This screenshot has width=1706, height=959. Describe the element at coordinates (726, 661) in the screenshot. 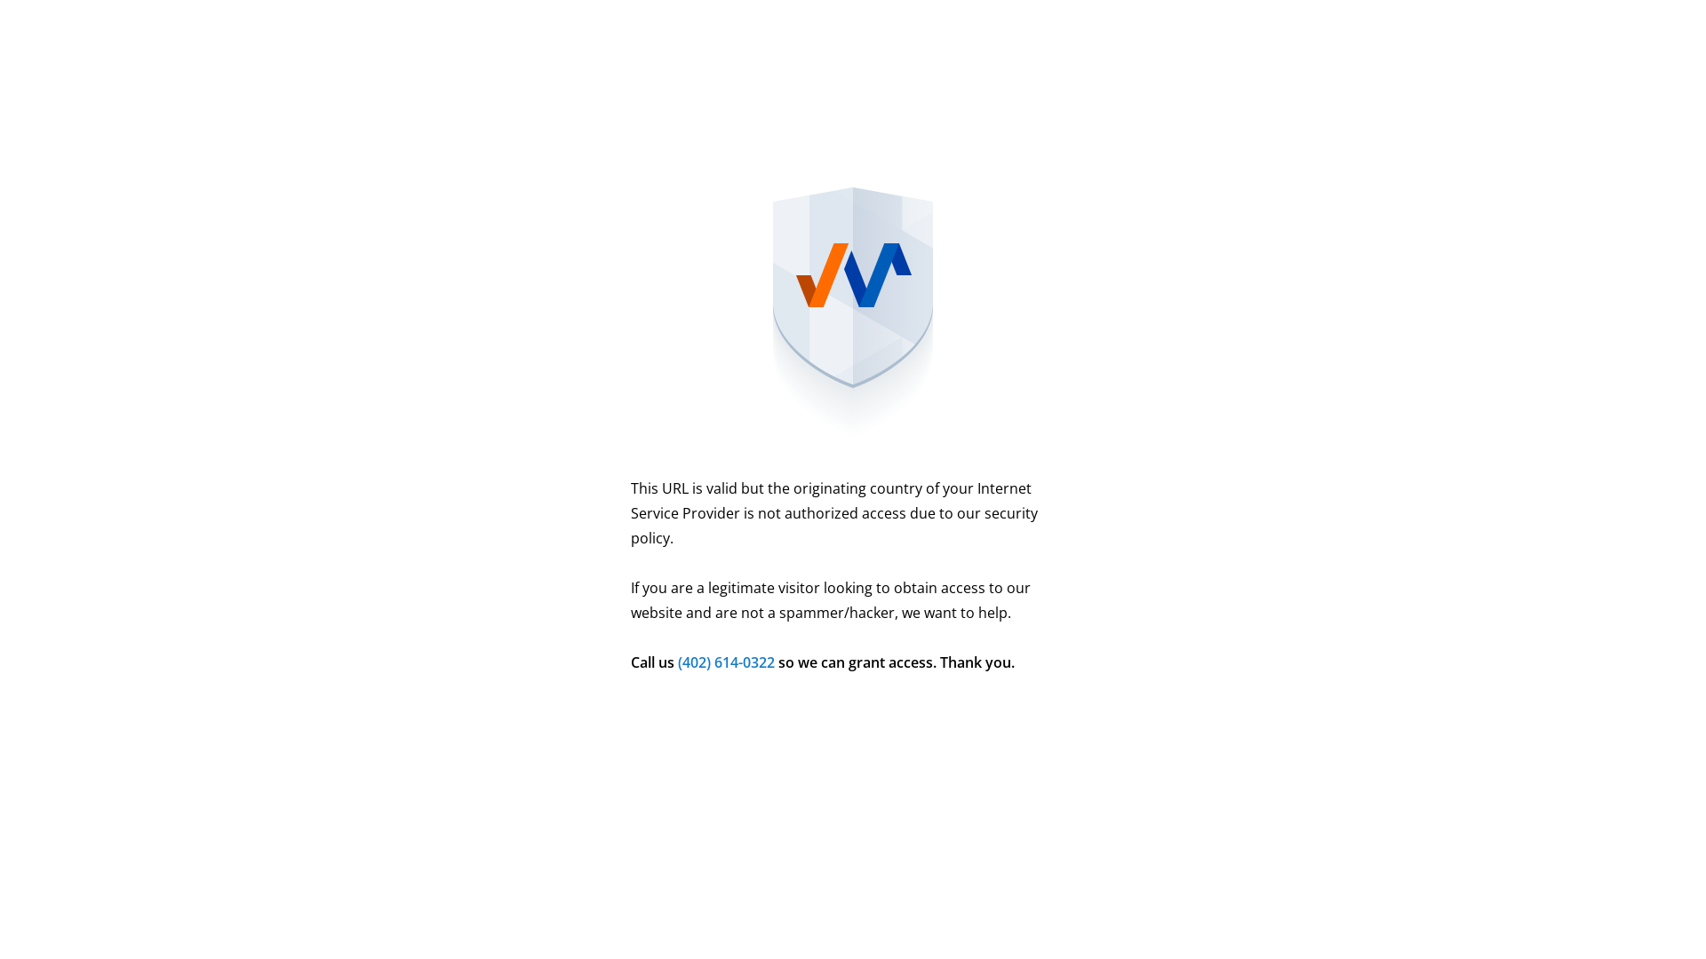

I see `'(402) 614-0322'` at that location.